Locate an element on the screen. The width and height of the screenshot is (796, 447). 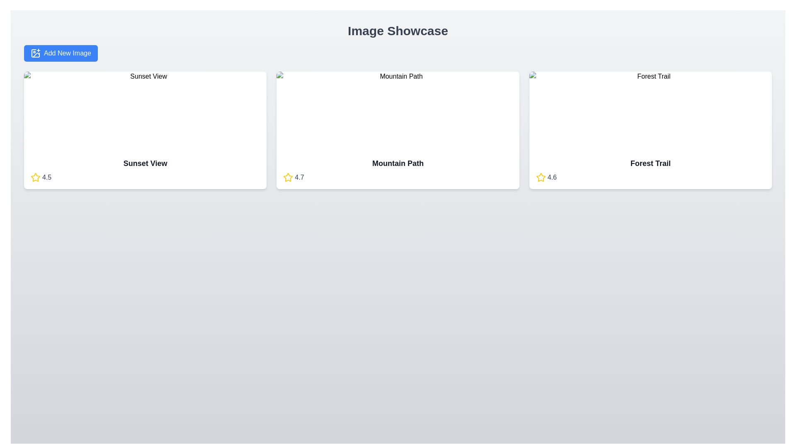
the rating icon located at the bottom-left of the 'Forest Trail' card, next to the numerical rating value '4.6' is located at coordinates (541, 177).